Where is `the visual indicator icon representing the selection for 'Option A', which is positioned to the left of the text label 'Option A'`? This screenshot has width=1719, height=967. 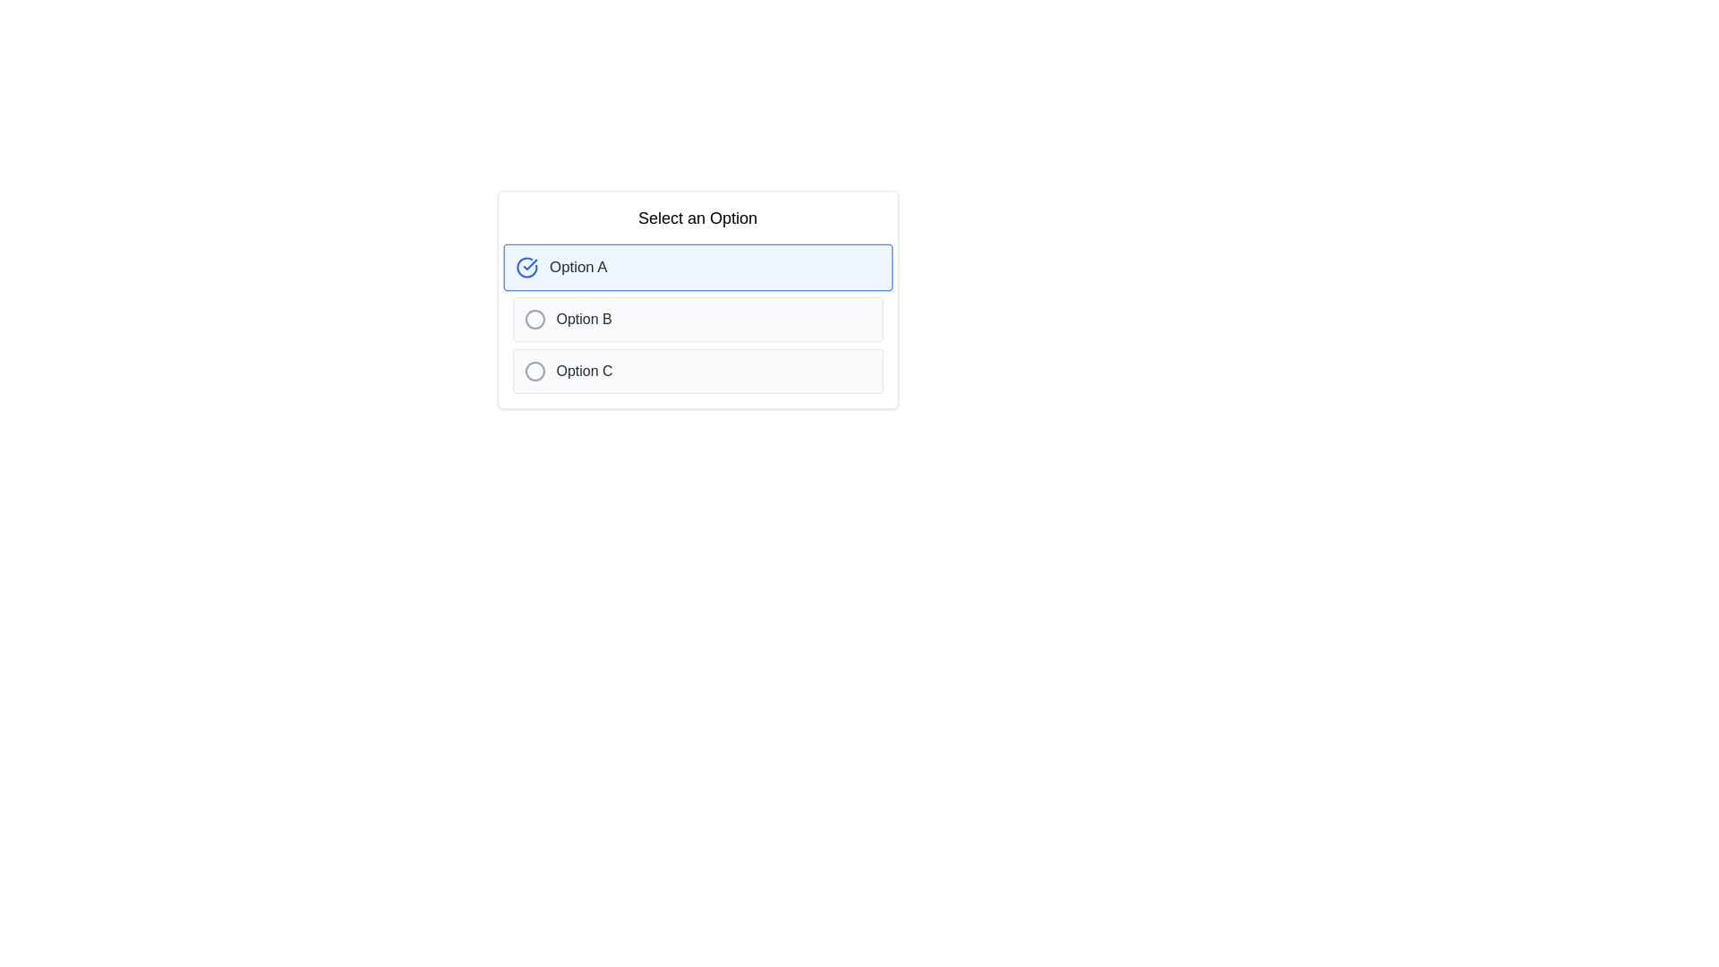
the visual indicator icon representing the selection for 'Option A', which is positioned to the left of the text label 'Option A' is located at coordinates (526, 268).